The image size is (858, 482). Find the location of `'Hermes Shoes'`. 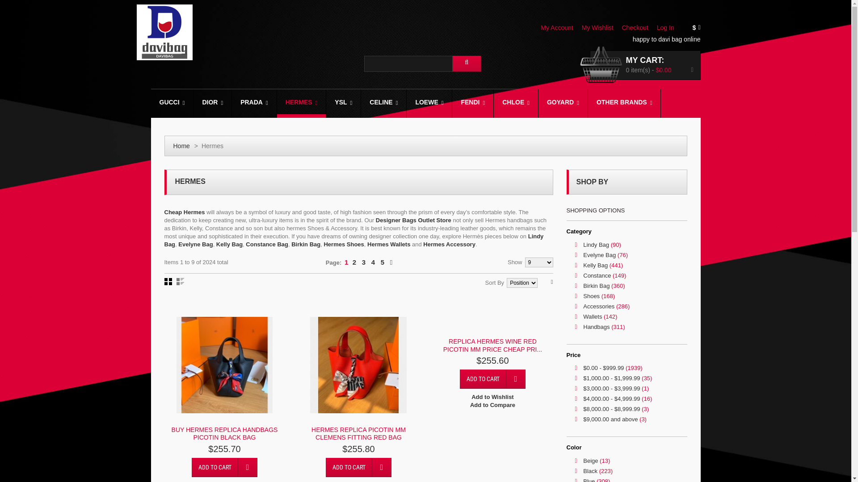

'Hermes Shoes' is located at coordinates (343, 244).